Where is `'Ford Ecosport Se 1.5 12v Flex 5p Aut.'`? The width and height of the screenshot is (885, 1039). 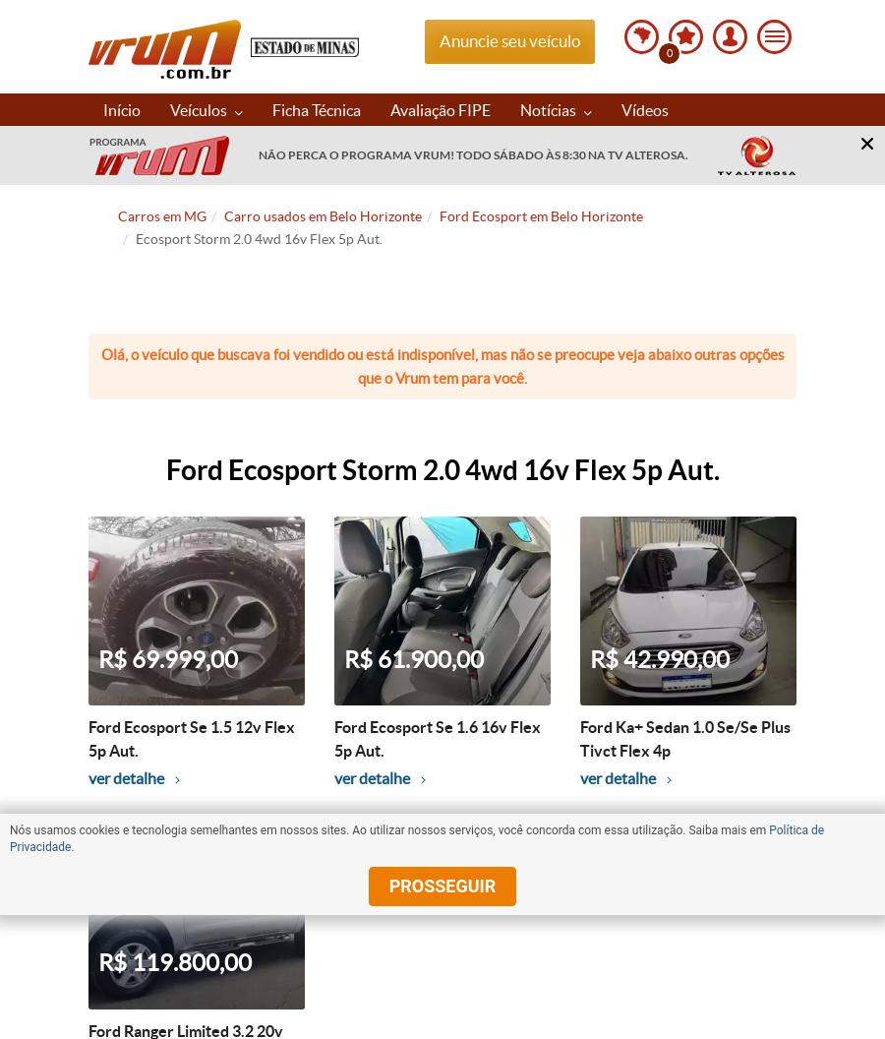 'Ford Ecosport Se 1.5 12v Flex 5p Aut.' is located at coordinates (192, 738).